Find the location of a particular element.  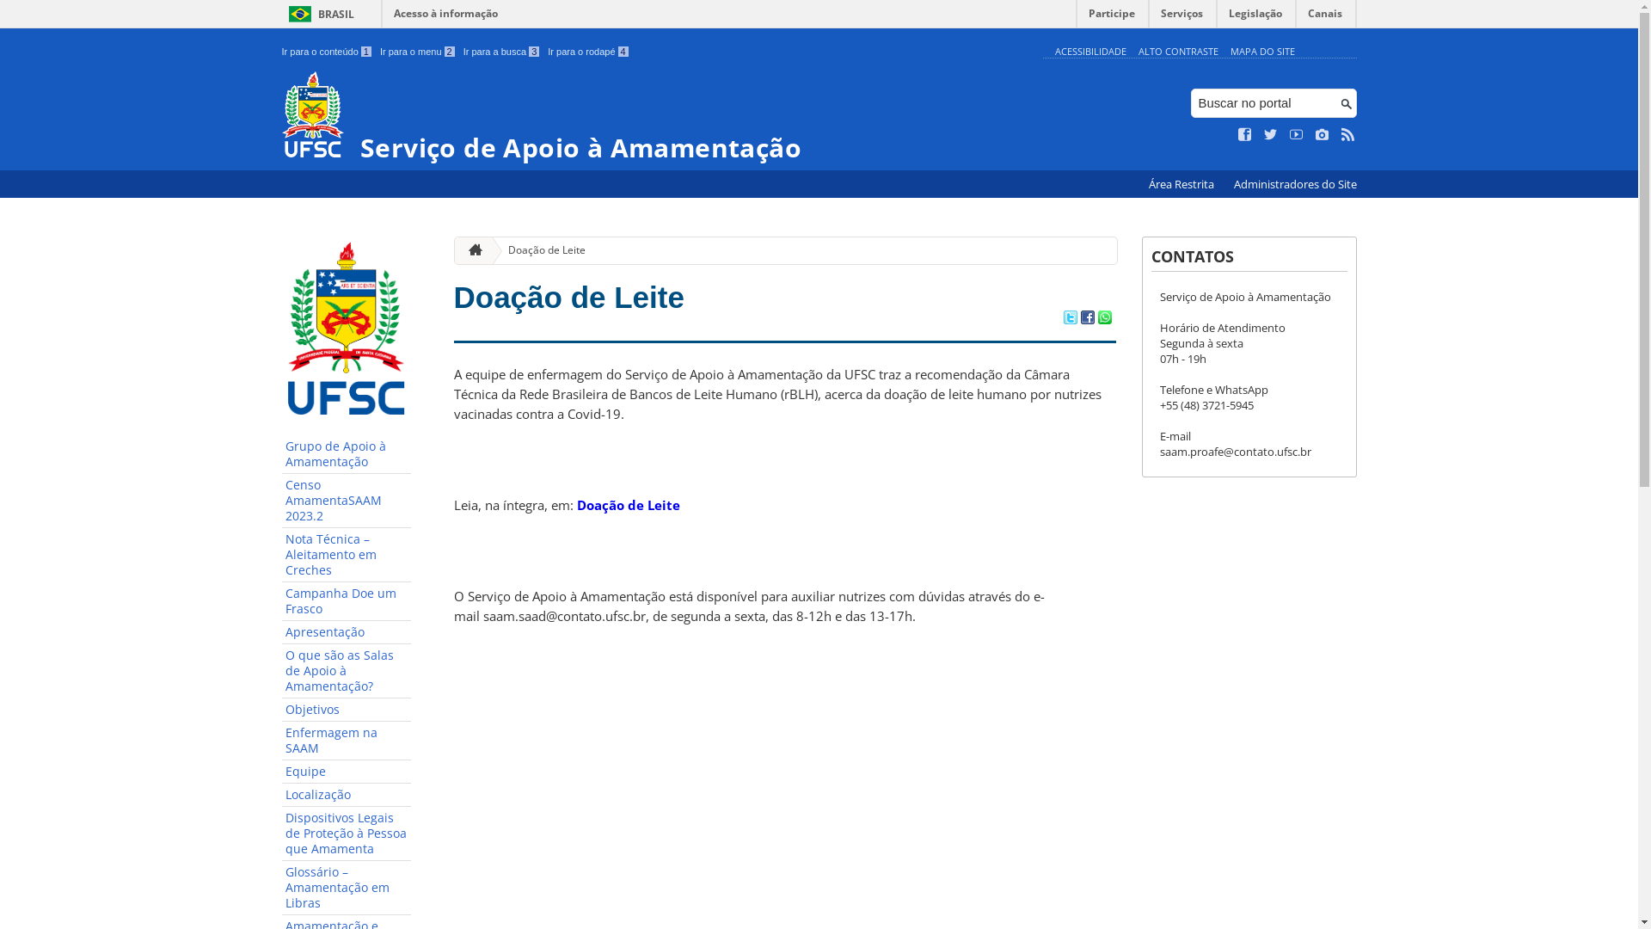

'Ir para o menu 2' is located at coordinates (417, 51).